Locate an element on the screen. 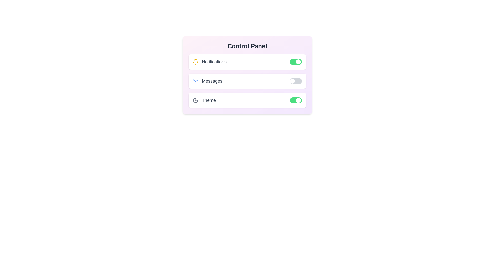 The width and height of the screenshot is (486, 273). the toggle switch for the 'Notifications', 'Messages', or 'Theme' settings in the Panel with interactive toggle switch components located below the title 'Control Panel' is located at coordinates (247, 75).